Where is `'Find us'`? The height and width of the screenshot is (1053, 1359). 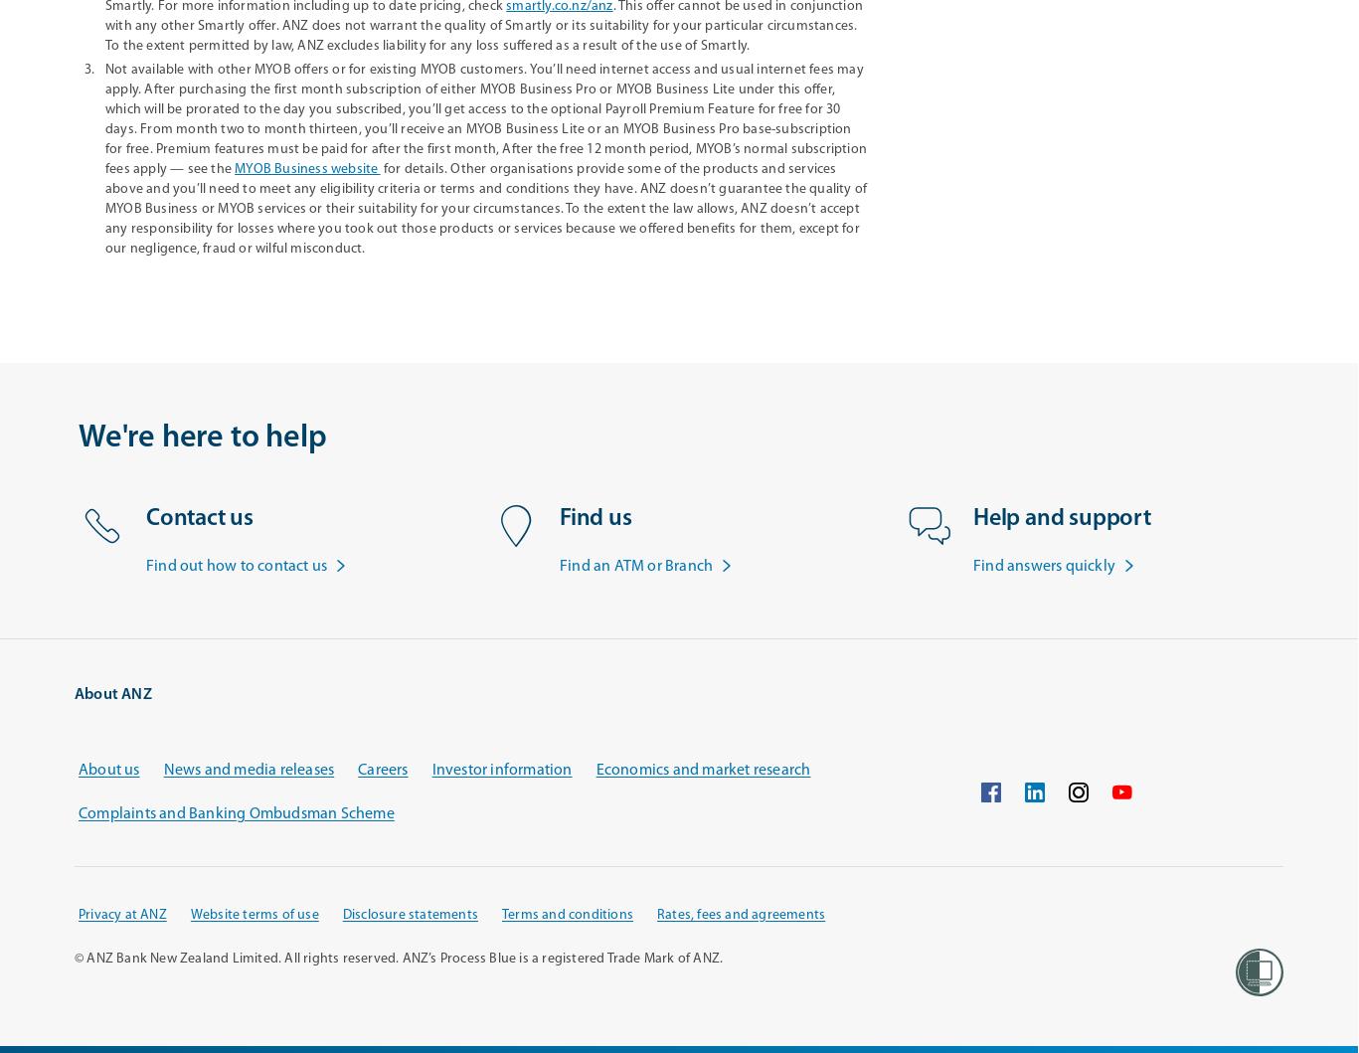 'Find us' is located at coordinates (595, 518).